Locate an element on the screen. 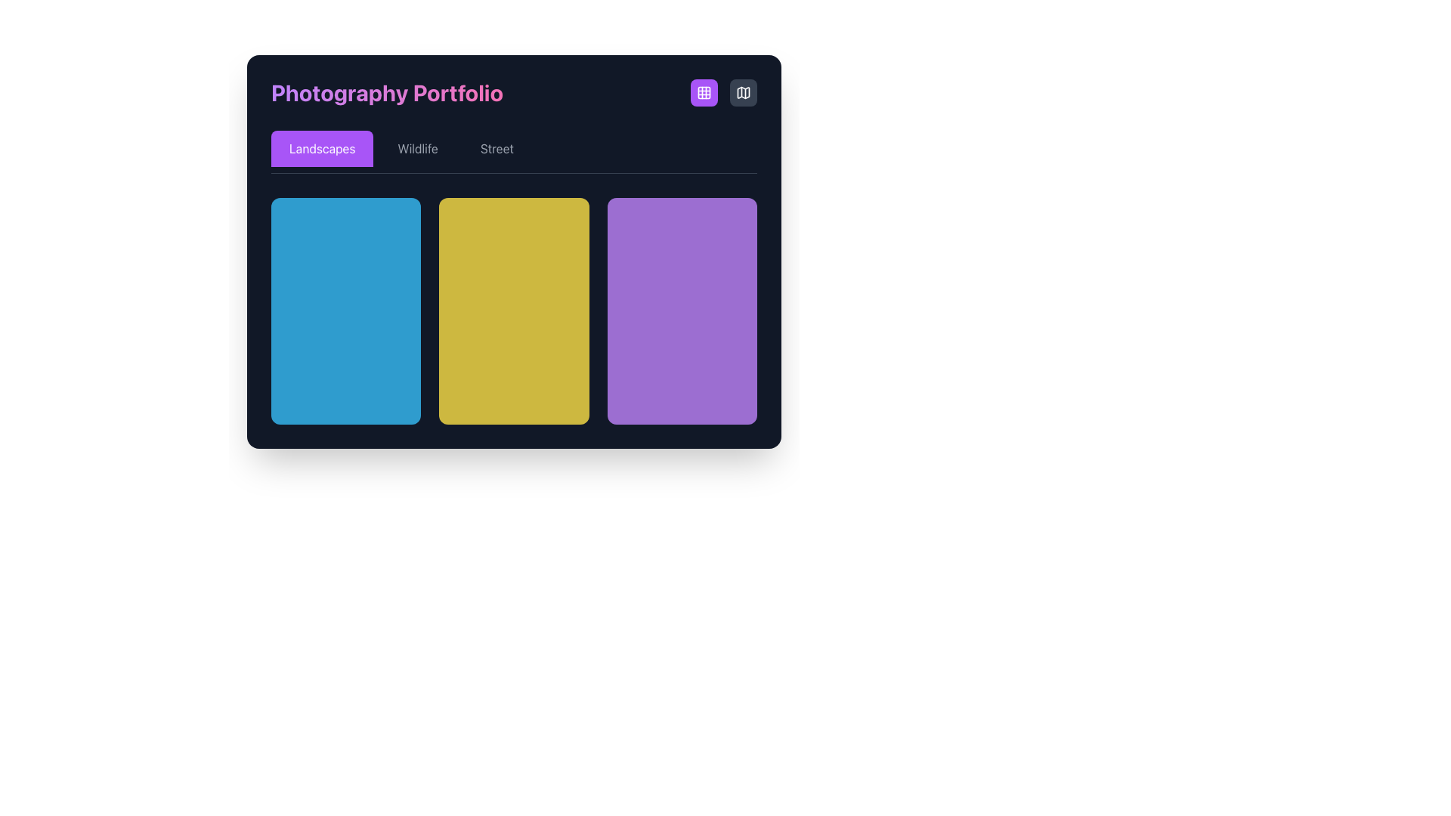 The width and height of the screenshot is (1451, 816). the first button in the top-left section of the navigation tab is located at coordinates (321, 148).